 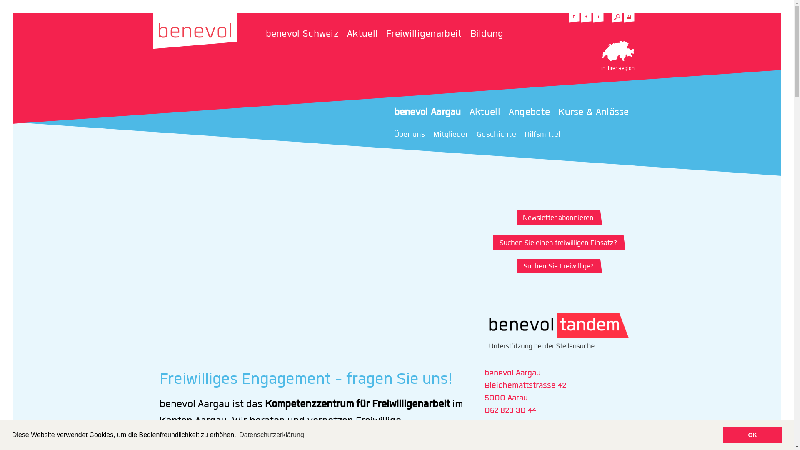 I want to click on 'Hilfsmittel', so click(x=546, y=134).